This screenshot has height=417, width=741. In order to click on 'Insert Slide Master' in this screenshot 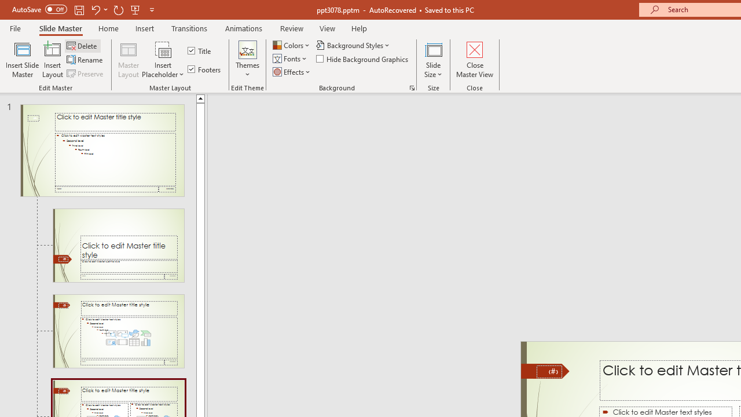, I will do `click(23, 60)`.